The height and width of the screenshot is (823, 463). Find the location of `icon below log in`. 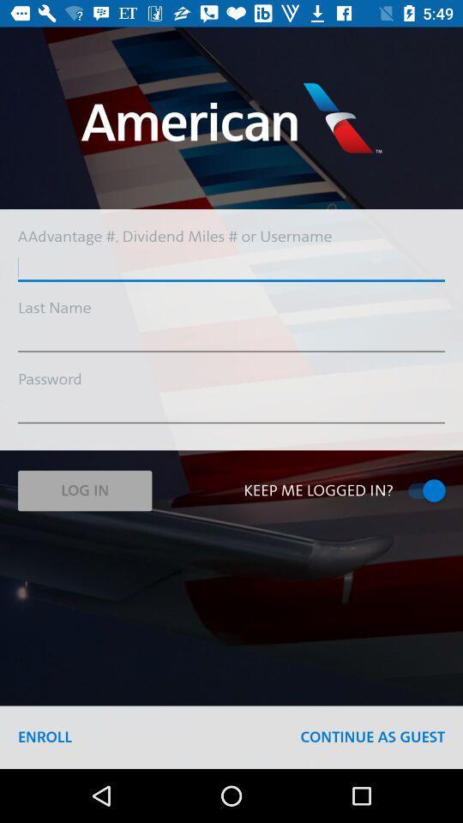

icon below log in is located at coordinates (45, 736).